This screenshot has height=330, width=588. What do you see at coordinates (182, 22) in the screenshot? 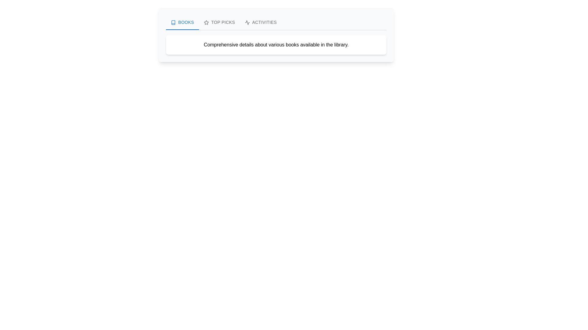
I see `the 'Books' tab in the navigation bar, which consists of a blue book icon followed by the text 'Books'` at bounding box center [182, 22].